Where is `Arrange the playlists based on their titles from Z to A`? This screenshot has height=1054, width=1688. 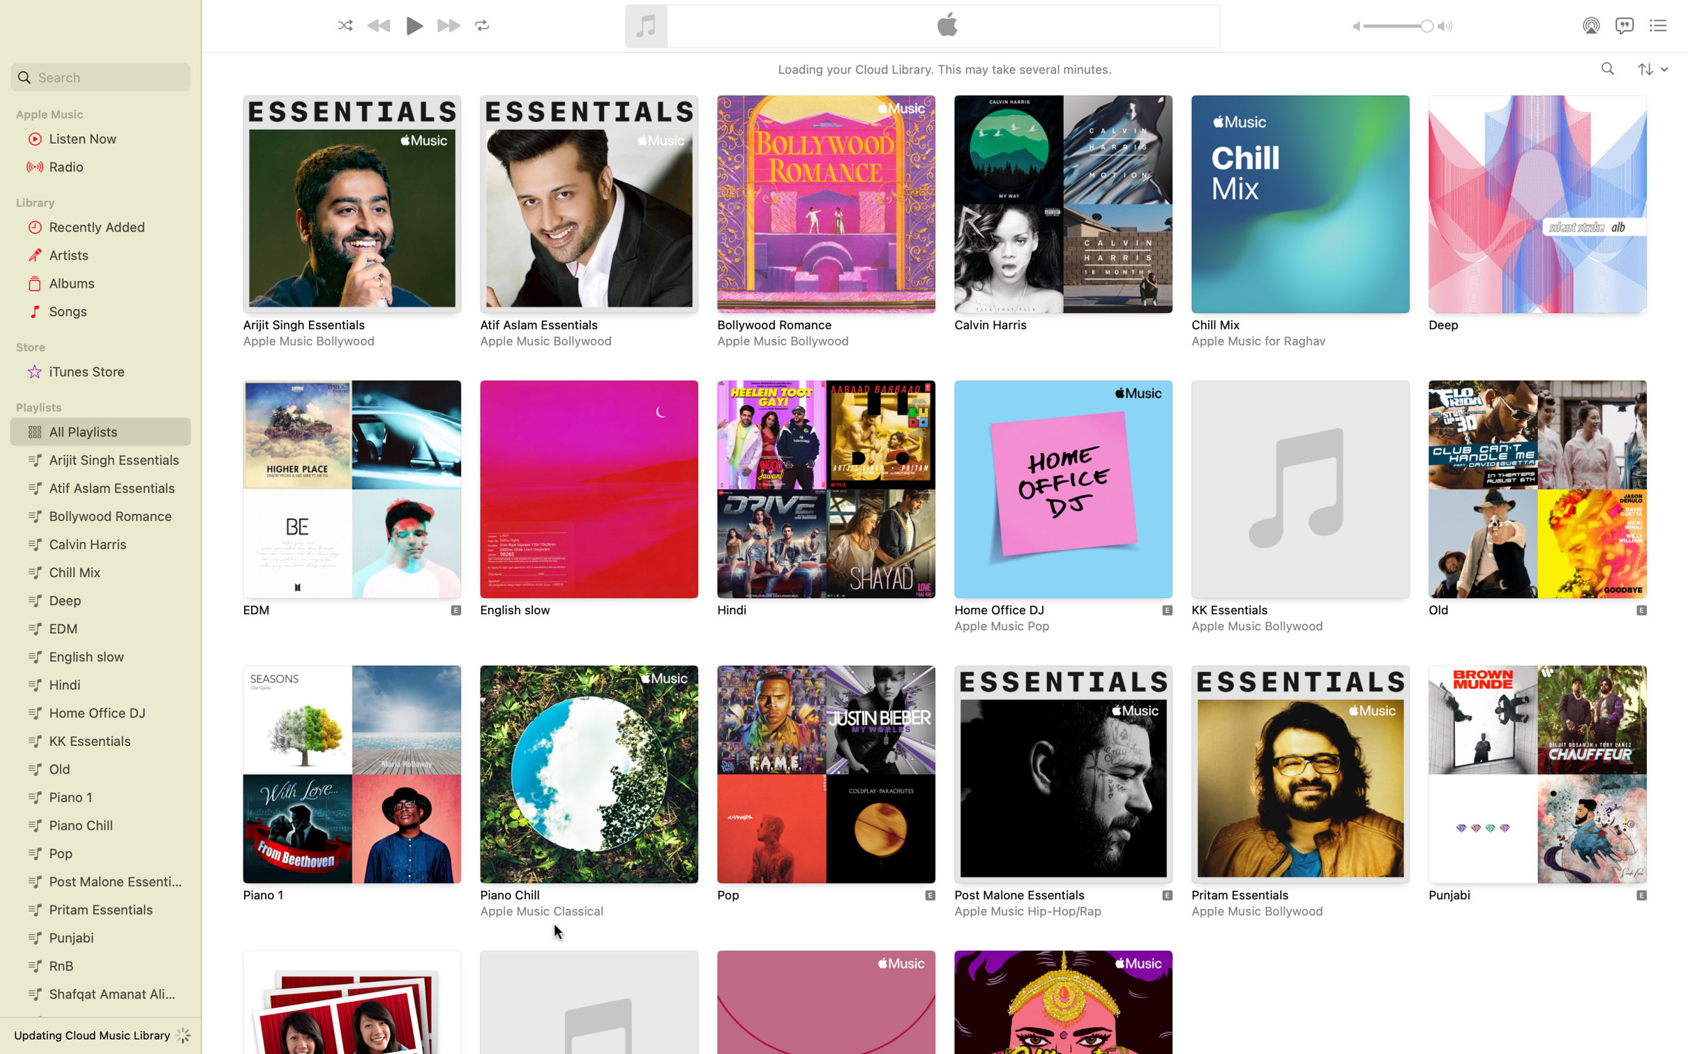
Arrange the playlists based on their titles from Z to A is located at coordinates (1652, 68).